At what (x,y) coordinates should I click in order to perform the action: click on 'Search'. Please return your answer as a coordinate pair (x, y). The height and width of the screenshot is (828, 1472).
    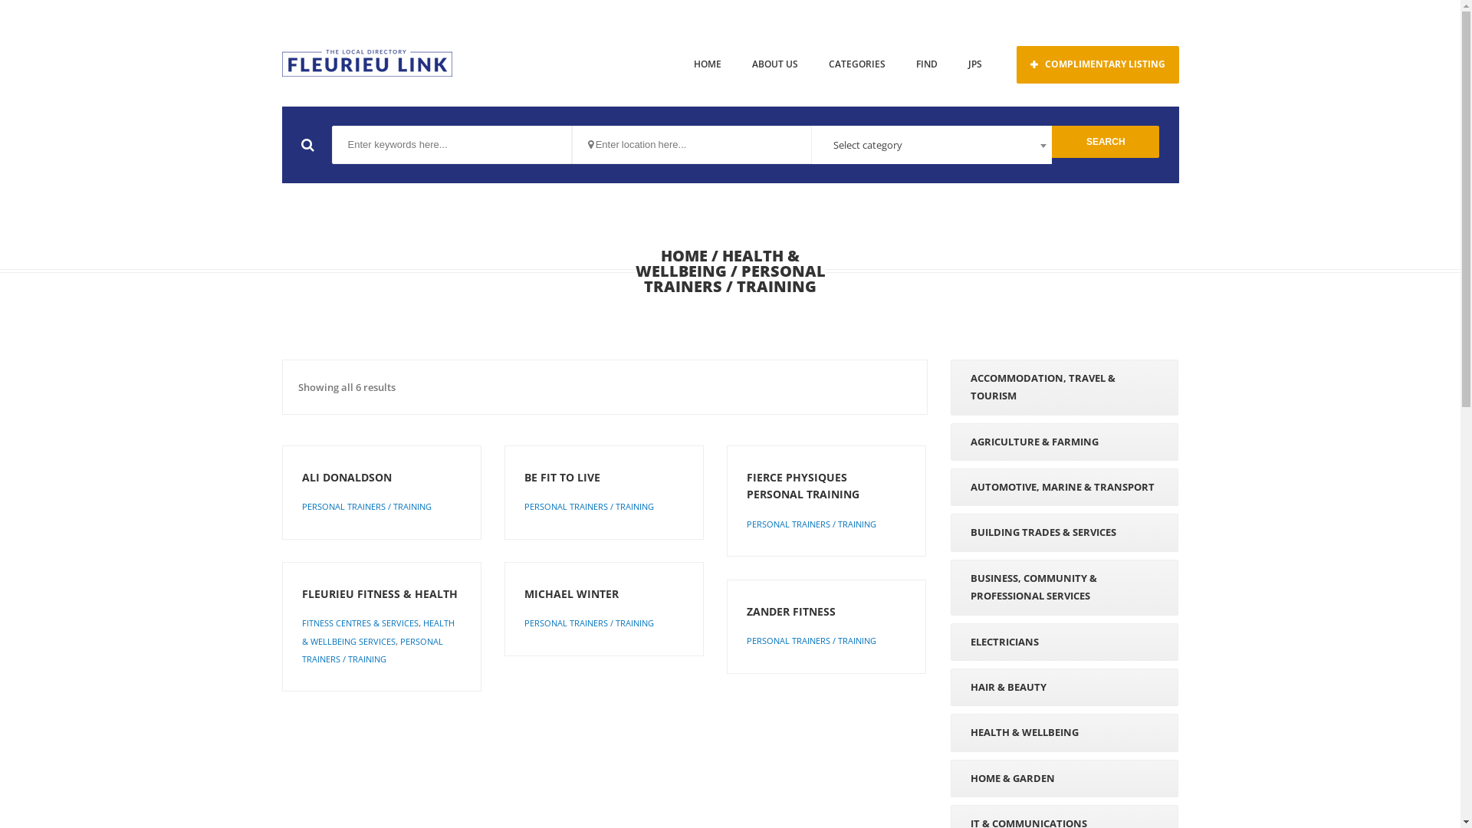
    Looking at the image, I should click on (1051, 142).